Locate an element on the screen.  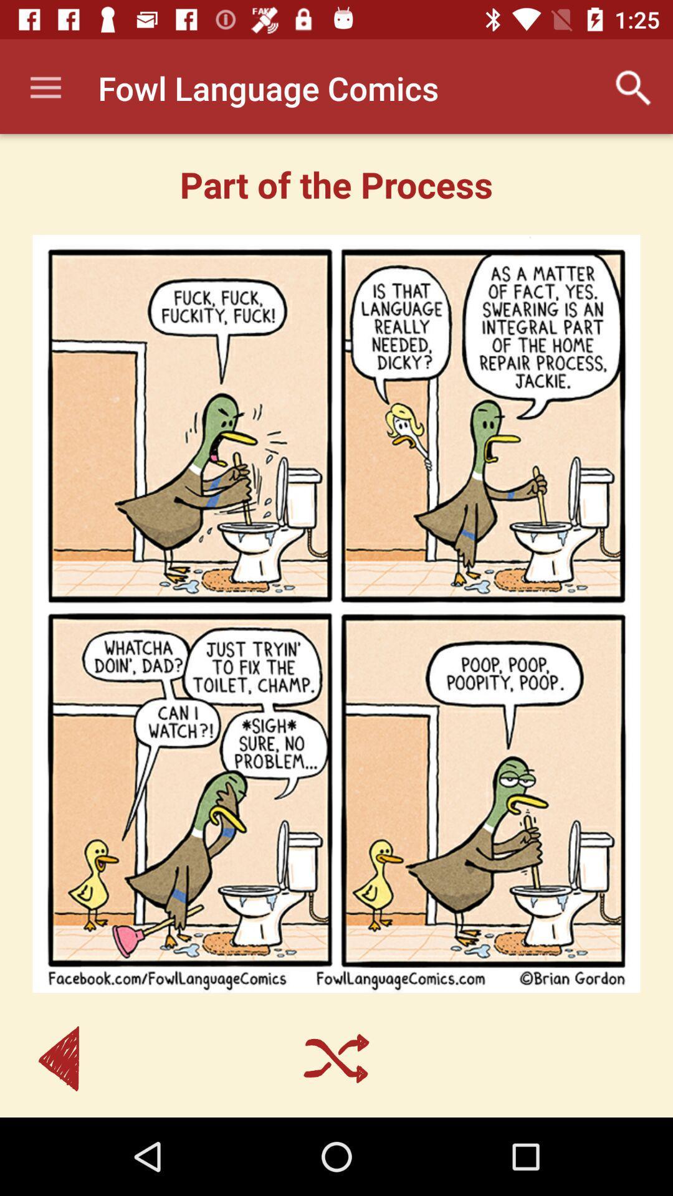
icon at the center is located at coordinates (336, 614).